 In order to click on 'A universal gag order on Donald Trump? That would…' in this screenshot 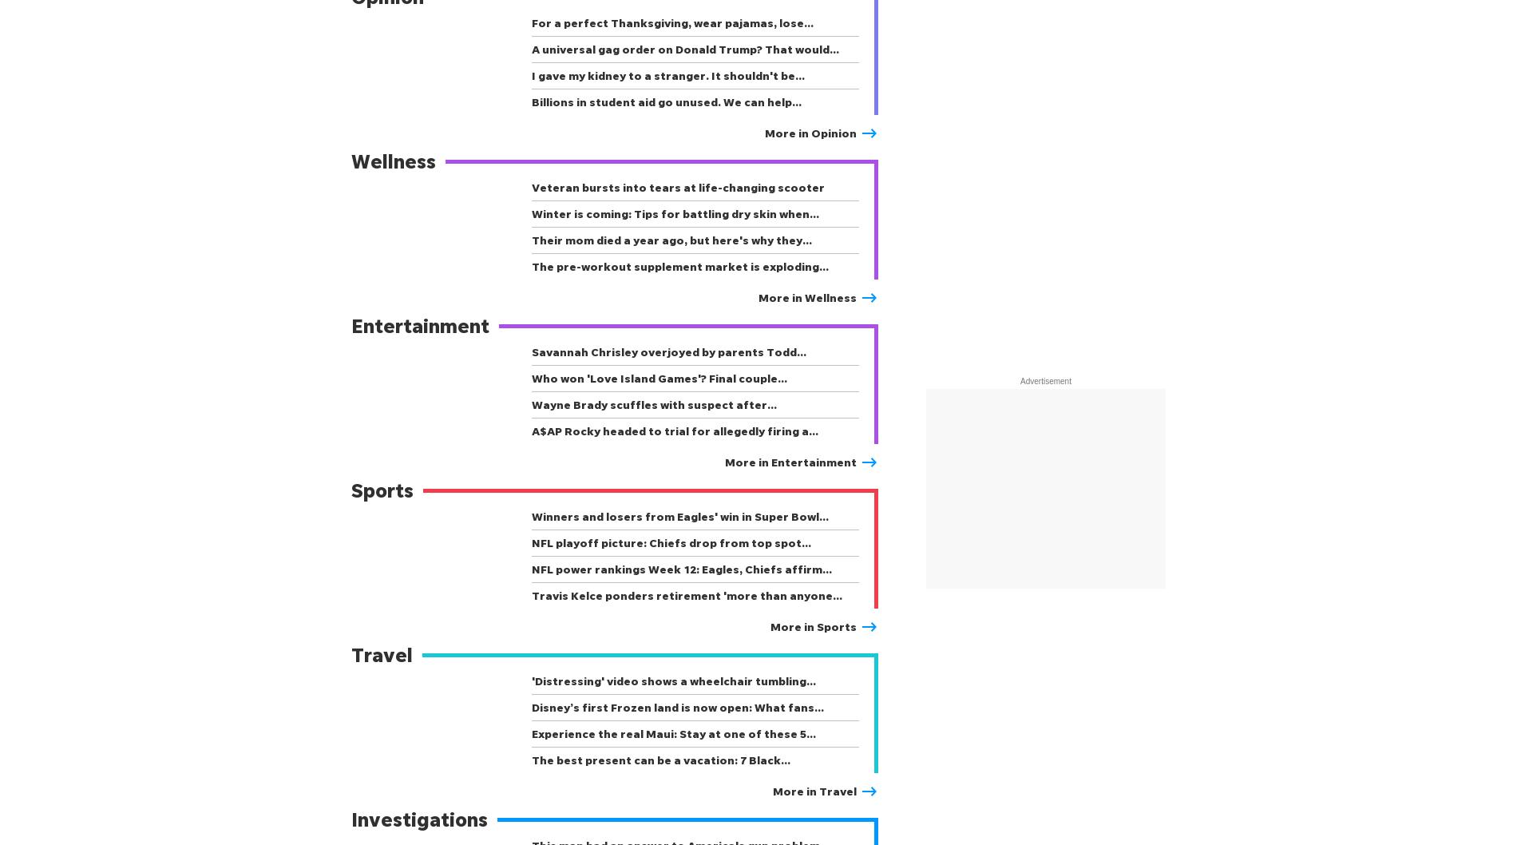, I will do `click(531, 49)`.